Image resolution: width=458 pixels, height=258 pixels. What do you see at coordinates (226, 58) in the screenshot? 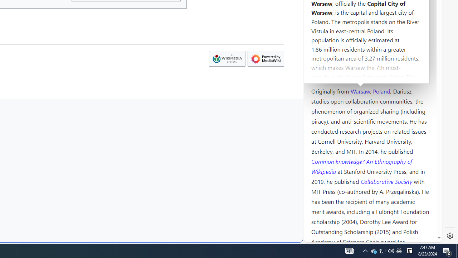
I see `'Wikimedia Foundation'` at bounding box center [226, 58].